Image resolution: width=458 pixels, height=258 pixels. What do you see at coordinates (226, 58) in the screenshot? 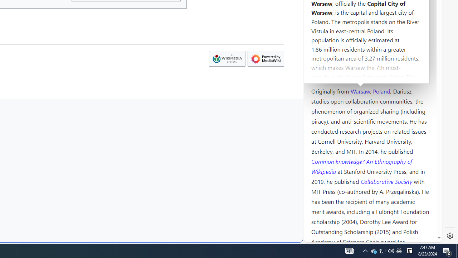
I see `'Wikimedia Foundation'` at bounding box center [226, 58].